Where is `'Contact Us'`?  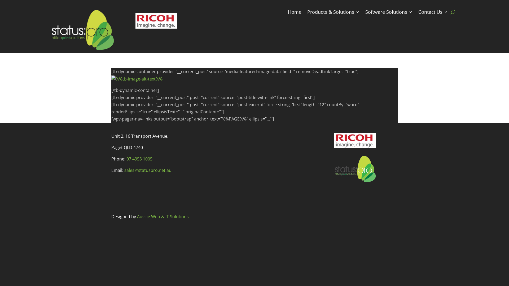
'Contact Us' is located at coordinates (433, 13).